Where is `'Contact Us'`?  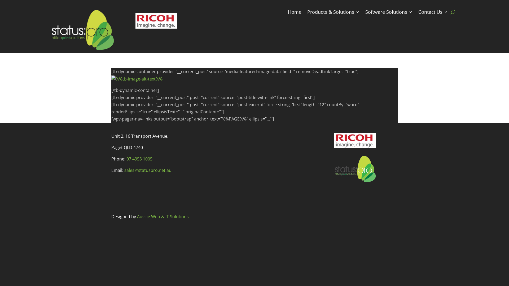
'Contact Us' is located at coordinates (433, 13).